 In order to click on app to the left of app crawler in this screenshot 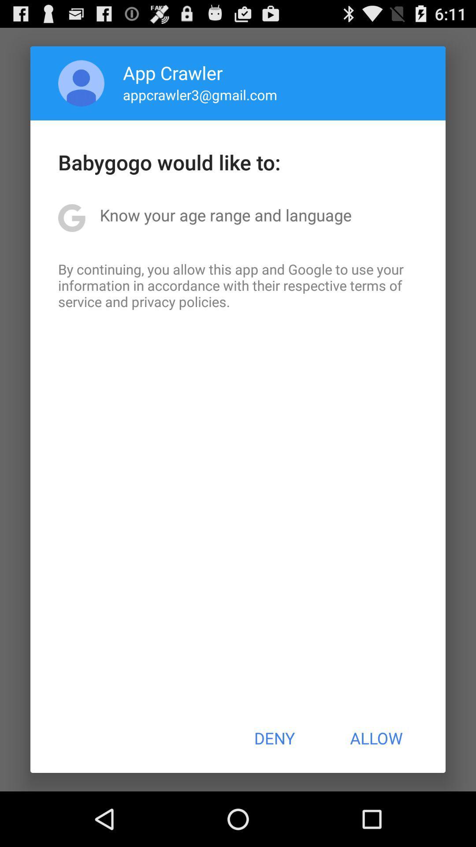, I will do `click(81, 83)`.